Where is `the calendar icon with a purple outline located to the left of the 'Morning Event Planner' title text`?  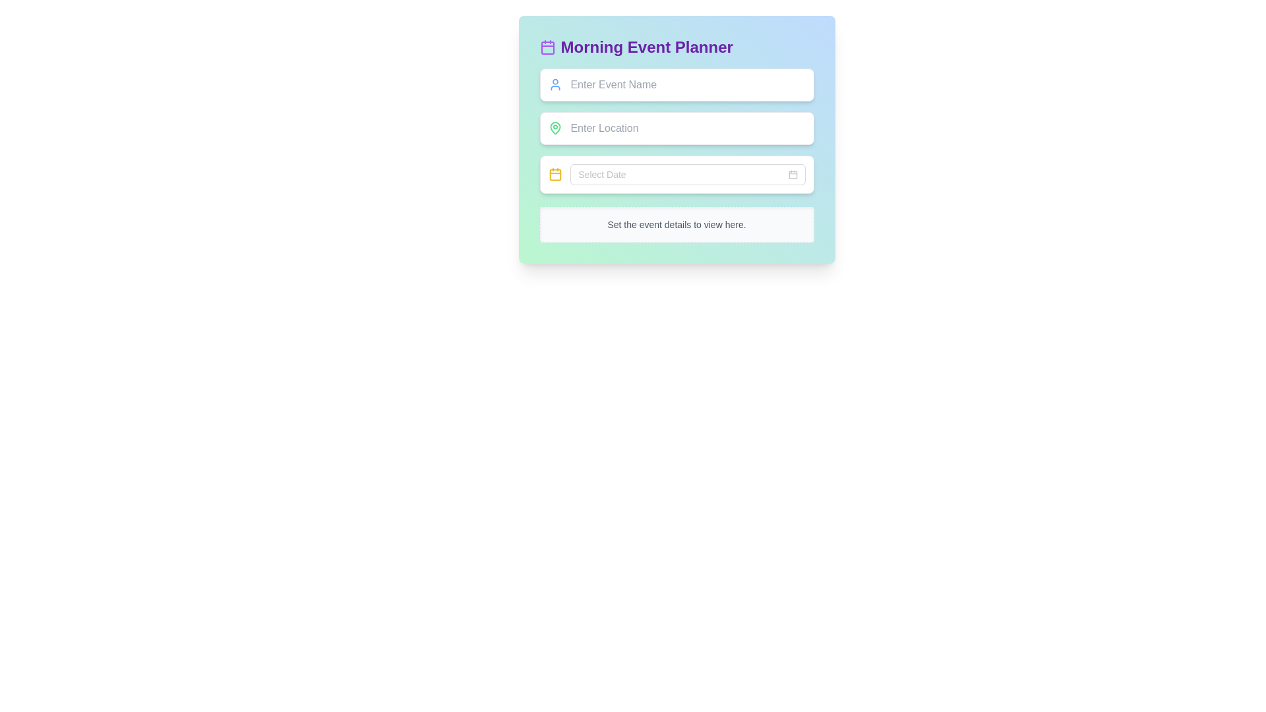 the calendar icon with a purple outline located to the left of the 'Morning Event Planner' title text is located at coordinates (547, 47).